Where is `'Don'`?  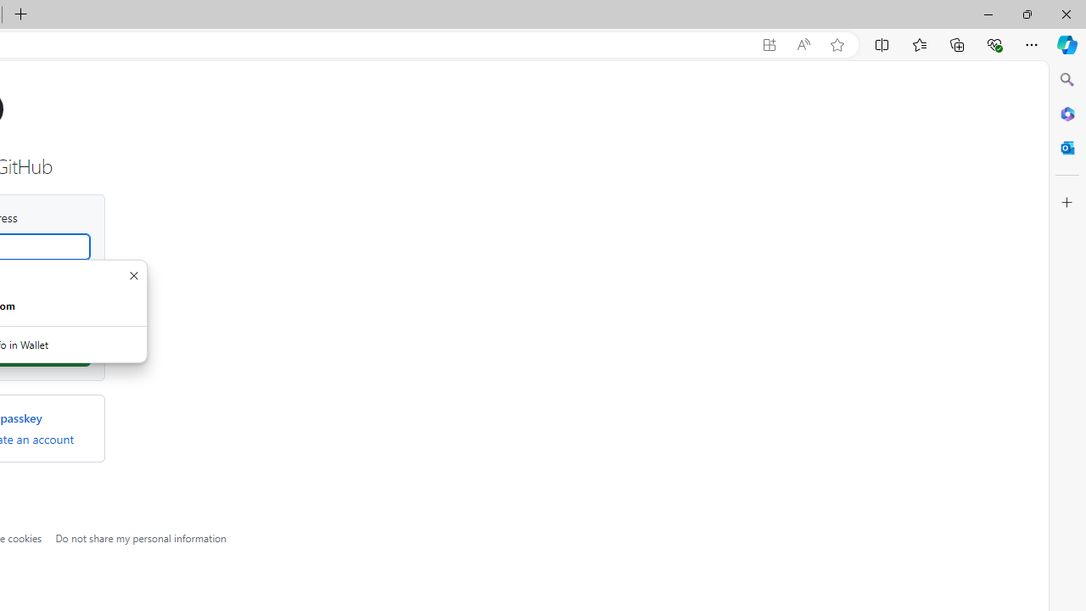 'Don' is located at coordinates (132, 275).